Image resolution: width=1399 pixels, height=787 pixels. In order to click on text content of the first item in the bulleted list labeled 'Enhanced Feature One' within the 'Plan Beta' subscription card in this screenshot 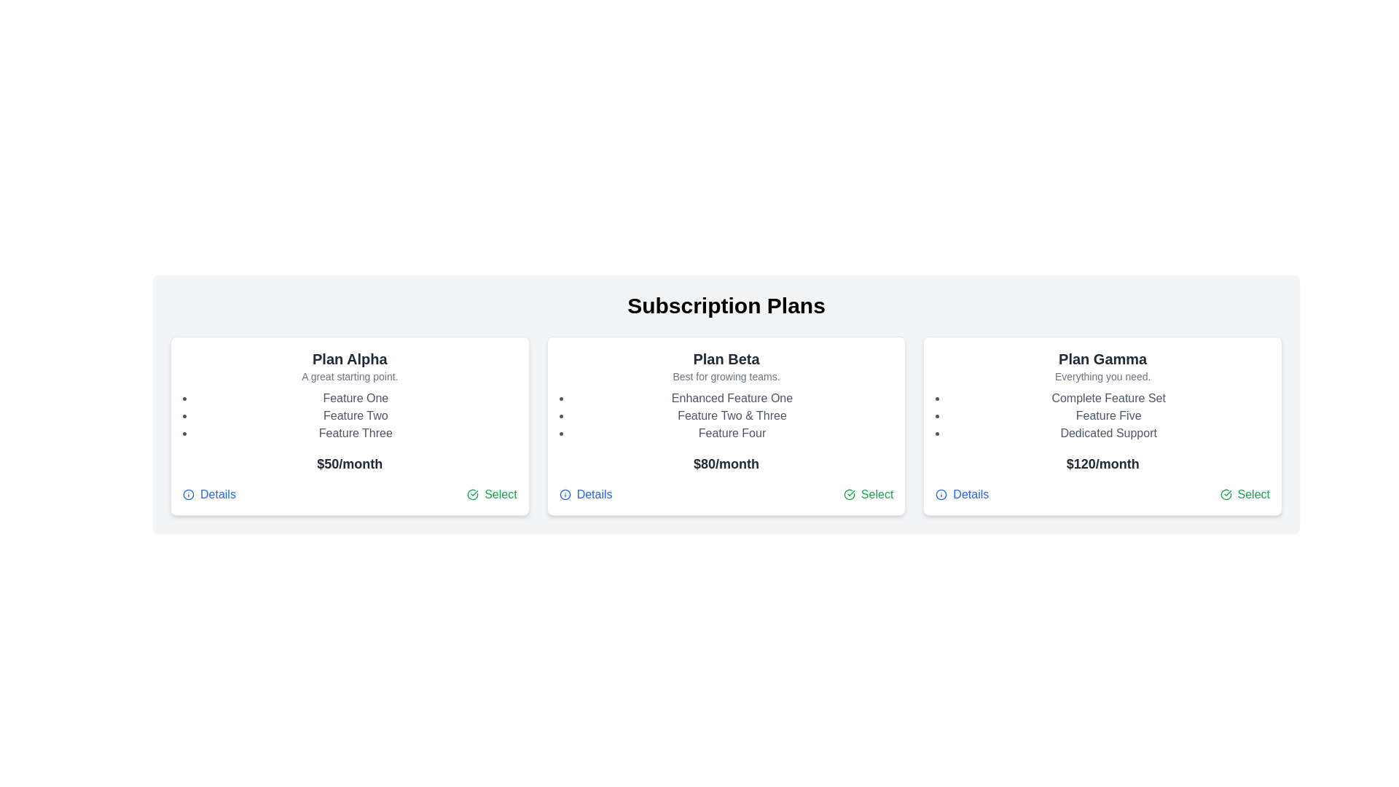, I will do `click(732, 399)`.